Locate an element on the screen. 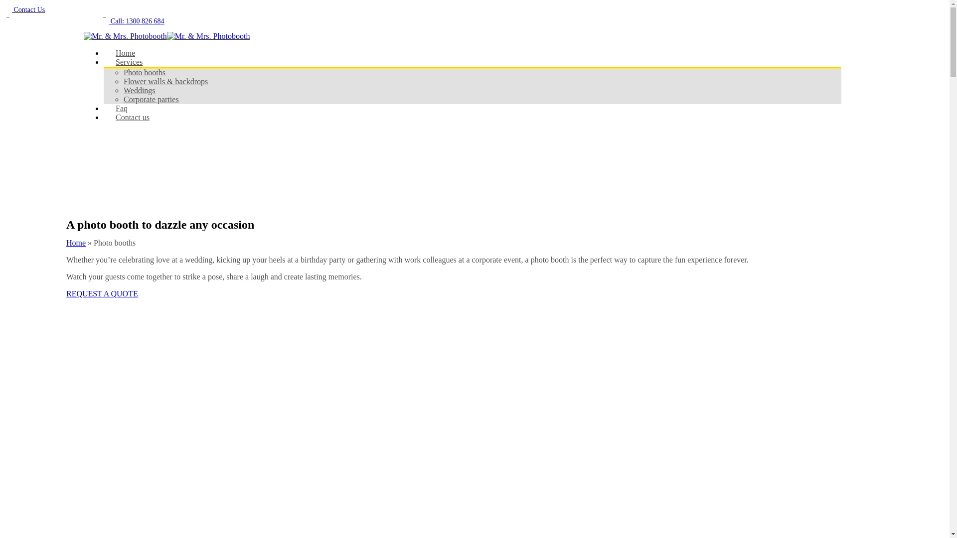  'Click to see Phone Number' is located at coordinates (50, 20).